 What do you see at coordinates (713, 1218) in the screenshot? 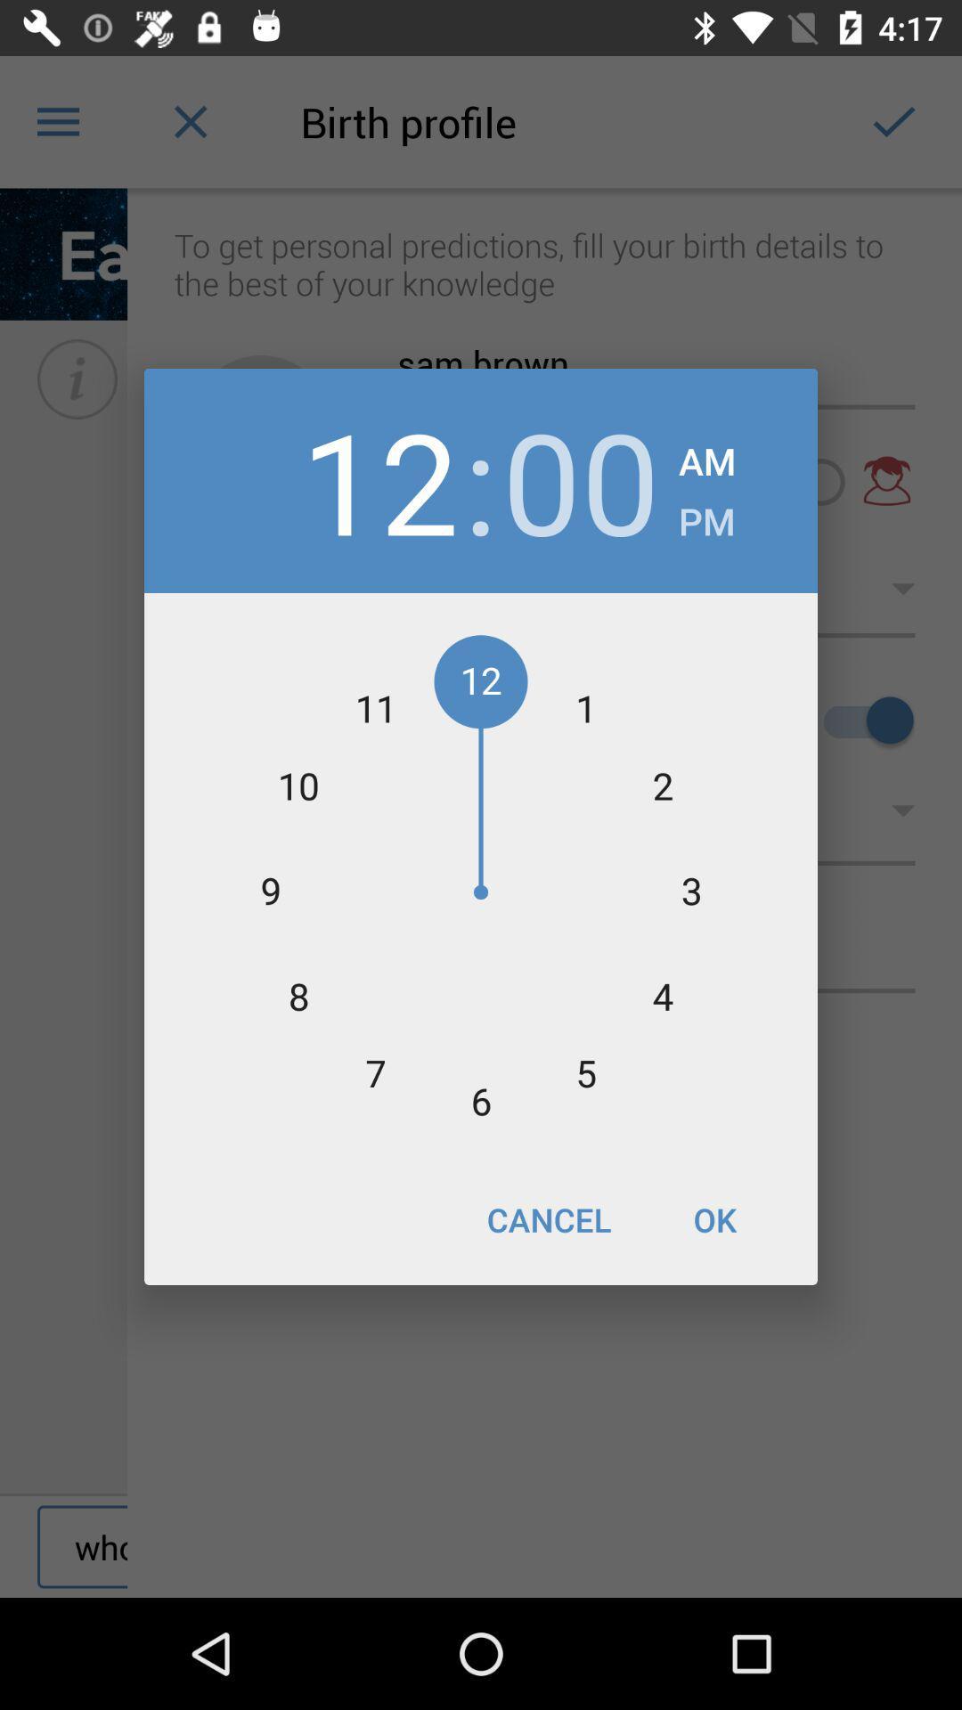
I see `ok item` at bounding box center [713, 1218].